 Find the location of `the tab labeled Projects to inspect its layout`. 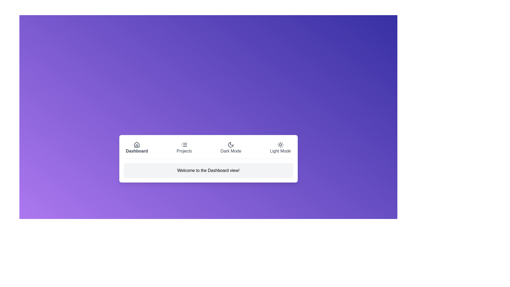

the tab labeled Projects to inspect its layout is located at coordinates (184, 147).